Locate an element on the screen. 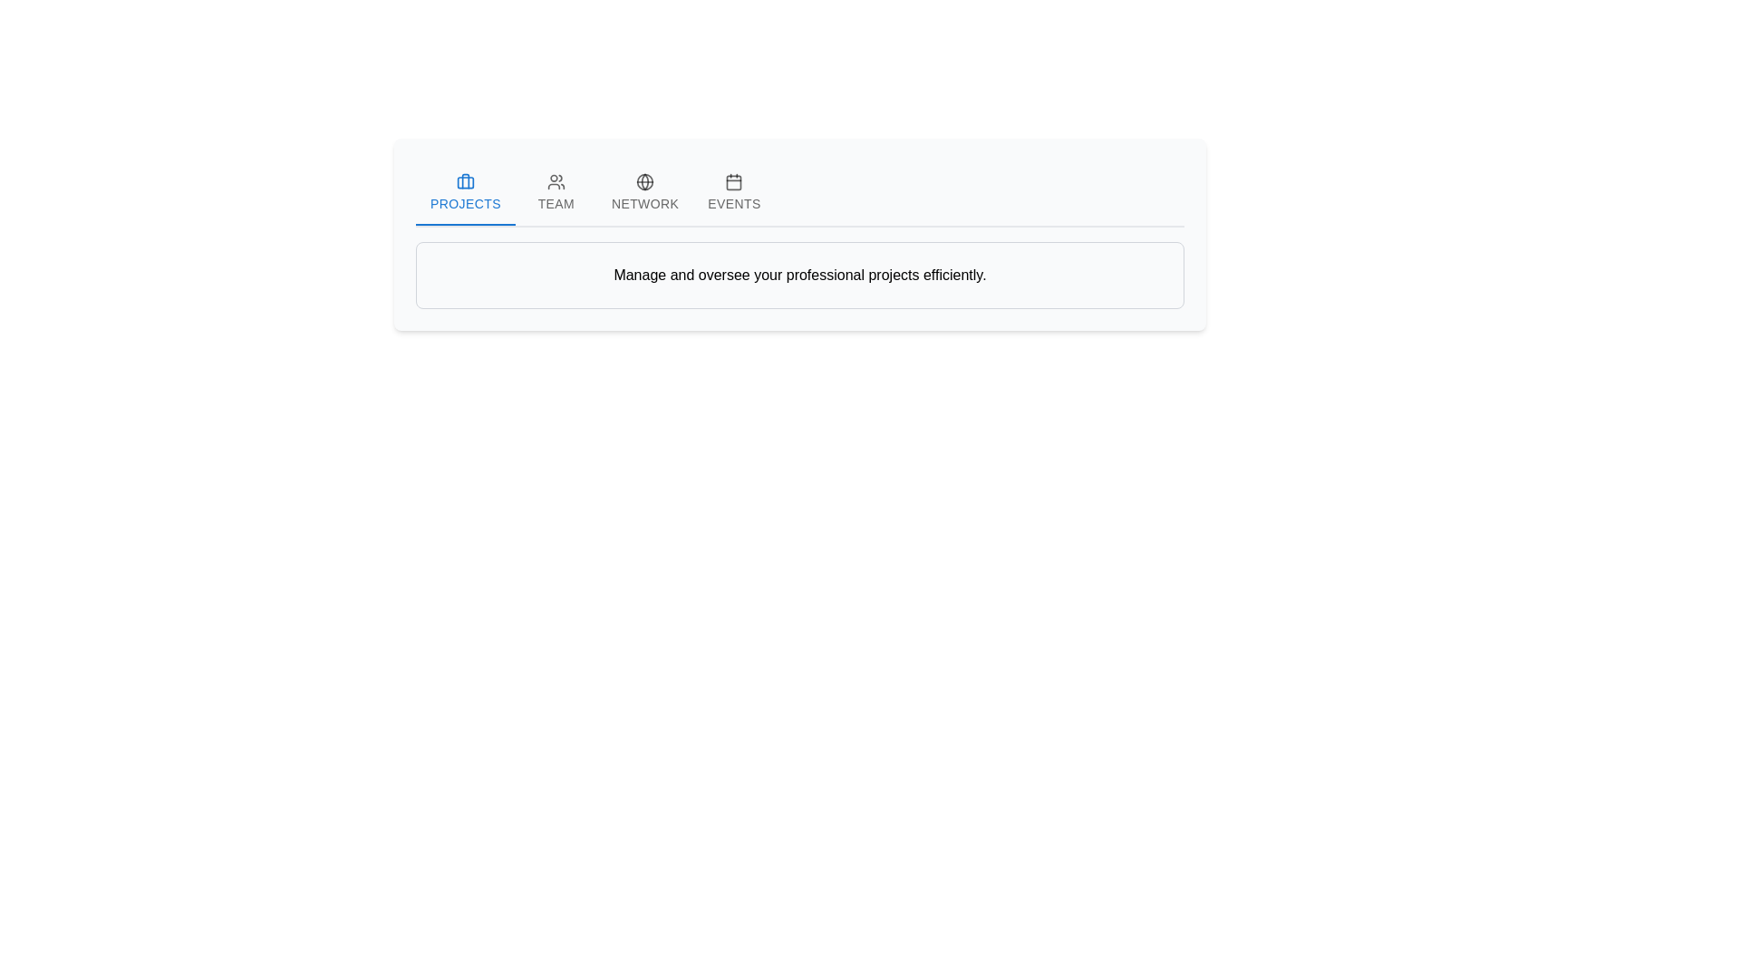 The image size is (1740, 979). the circle icon representing the network globe in the third tab labeled 'NETWORK' is located at coordinates (645, 182).